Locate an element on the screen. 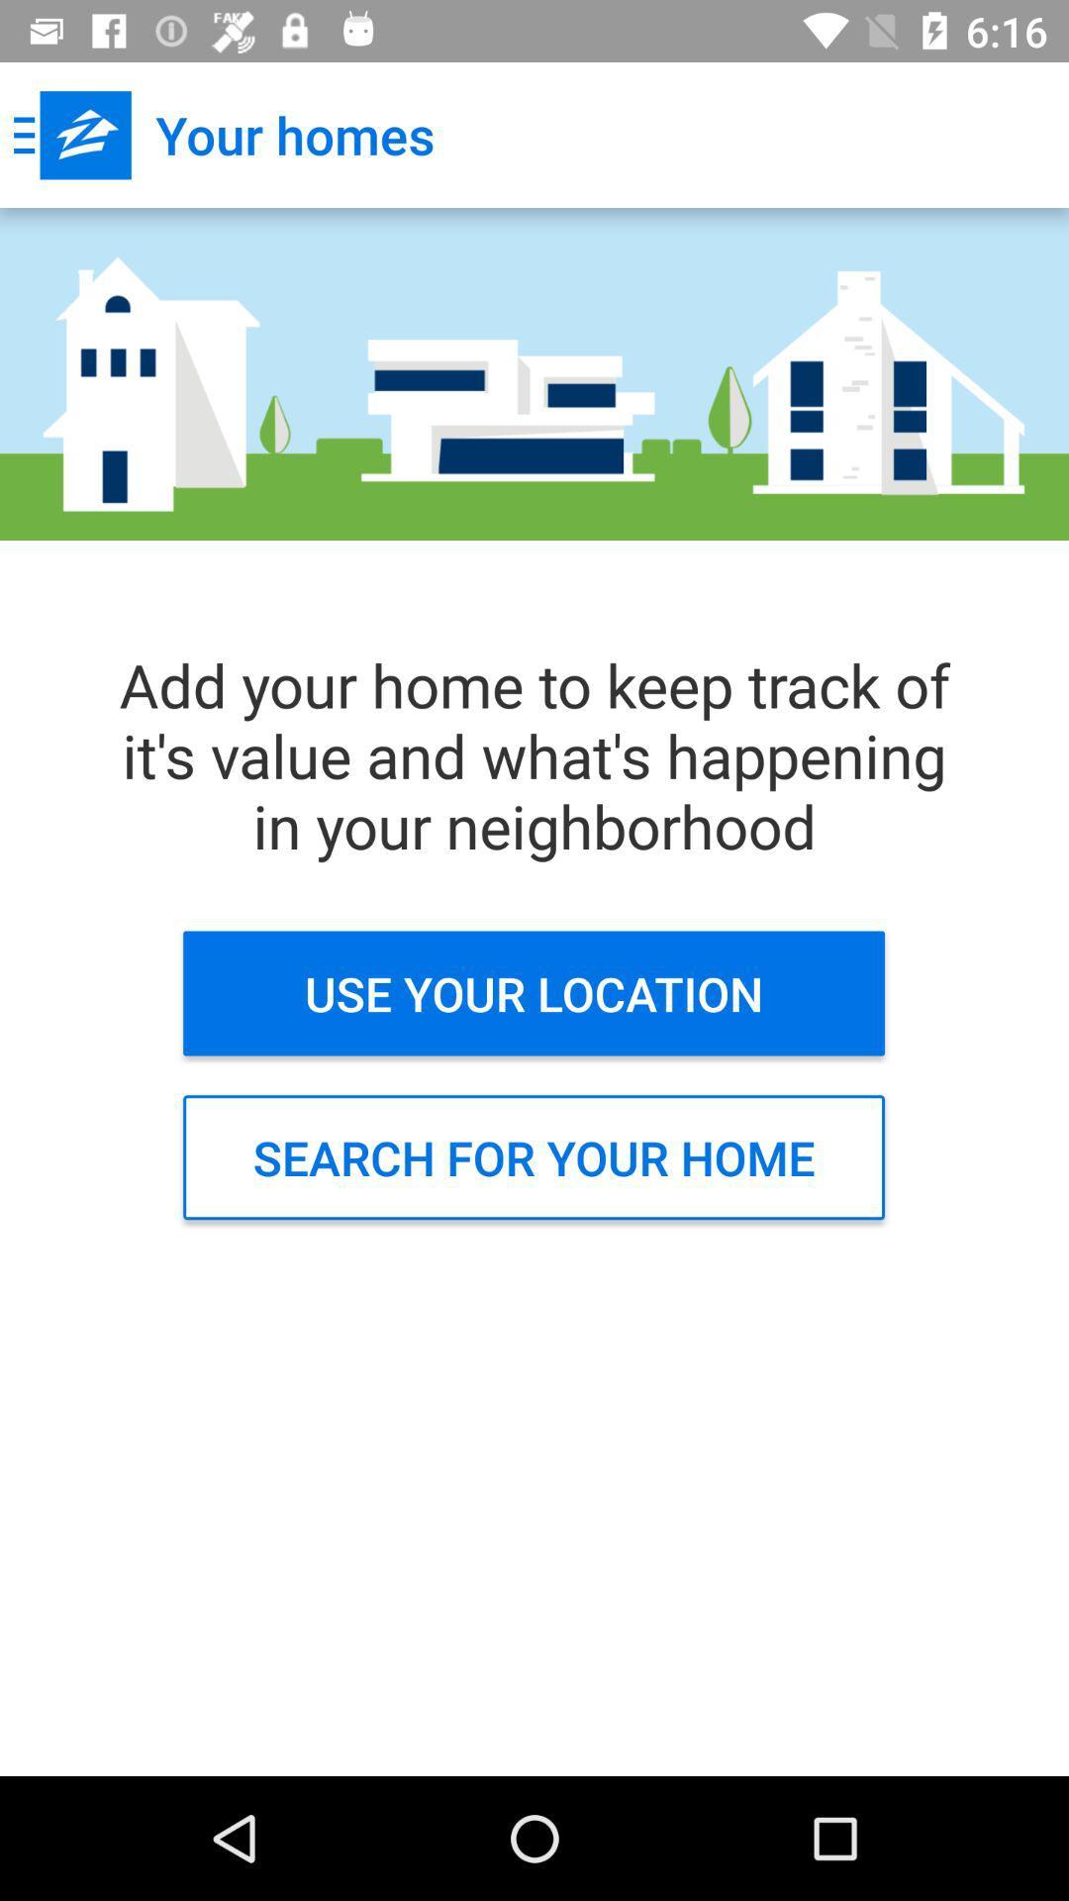 Image resolution: width=1069 pixels, height=1901 pixels. item to the left of your homes item is located at coordinates (71, 134).